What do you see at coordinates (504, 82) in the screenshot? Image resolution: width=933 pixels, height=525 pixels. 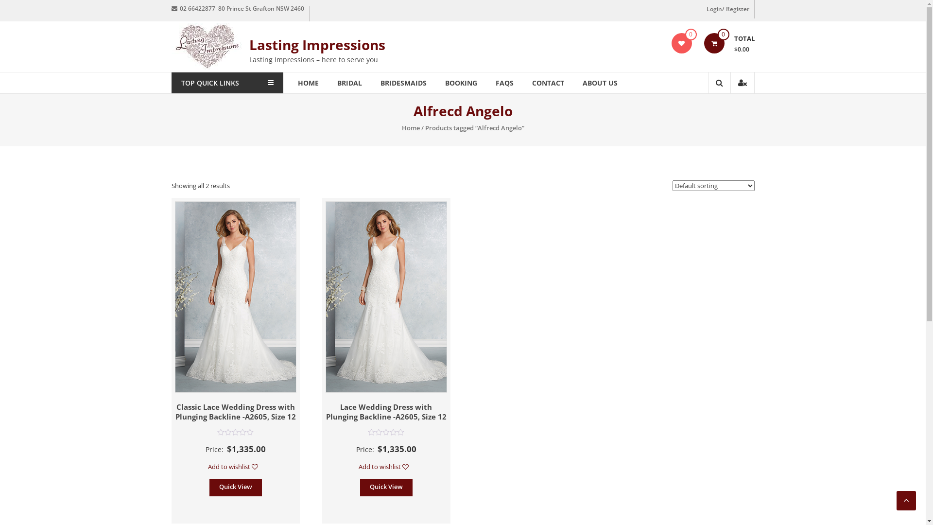 I see `'FAQS'` at bounding box center [504, 82].